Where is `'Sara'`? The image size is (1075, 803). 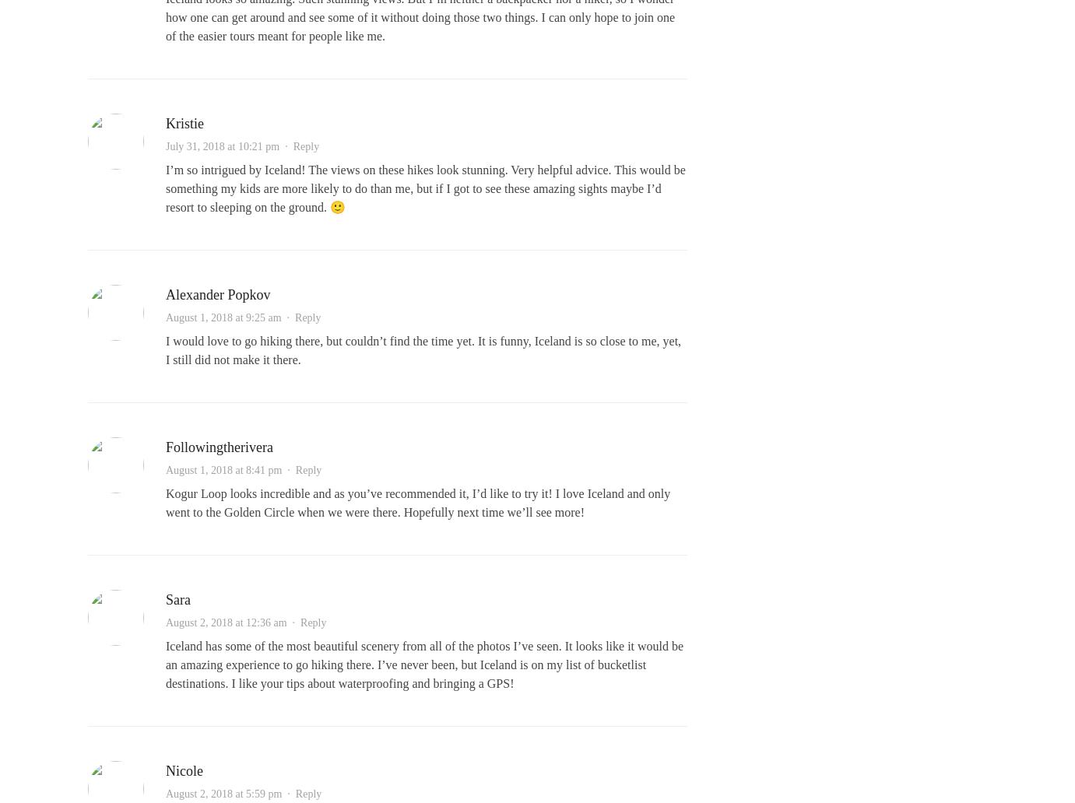 'Sara' is located at coordinates (177, 599).